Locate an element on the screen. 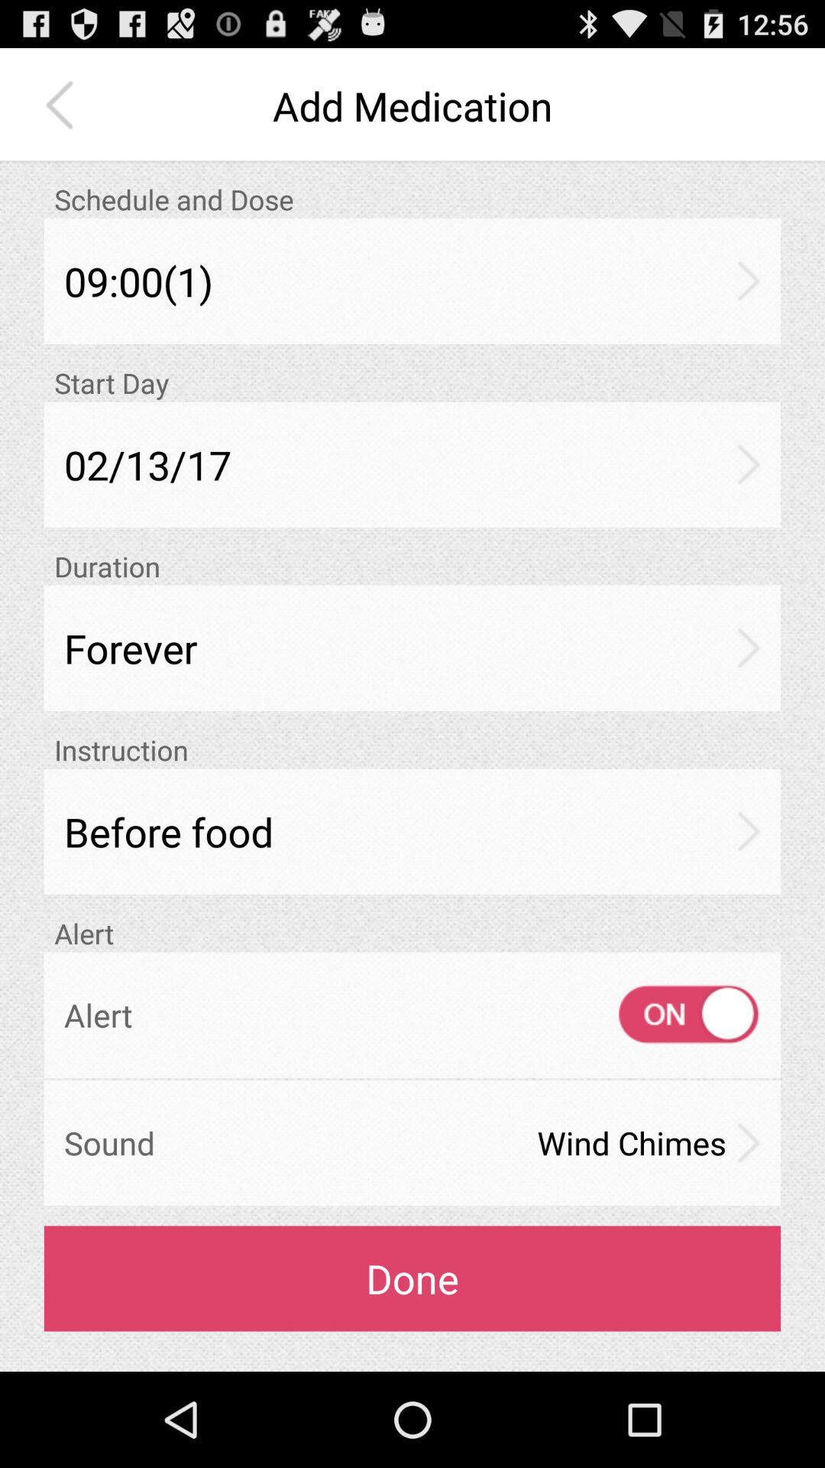 The image size is (825, 1468). icon above the duration app is located at coordinates (412, 463).